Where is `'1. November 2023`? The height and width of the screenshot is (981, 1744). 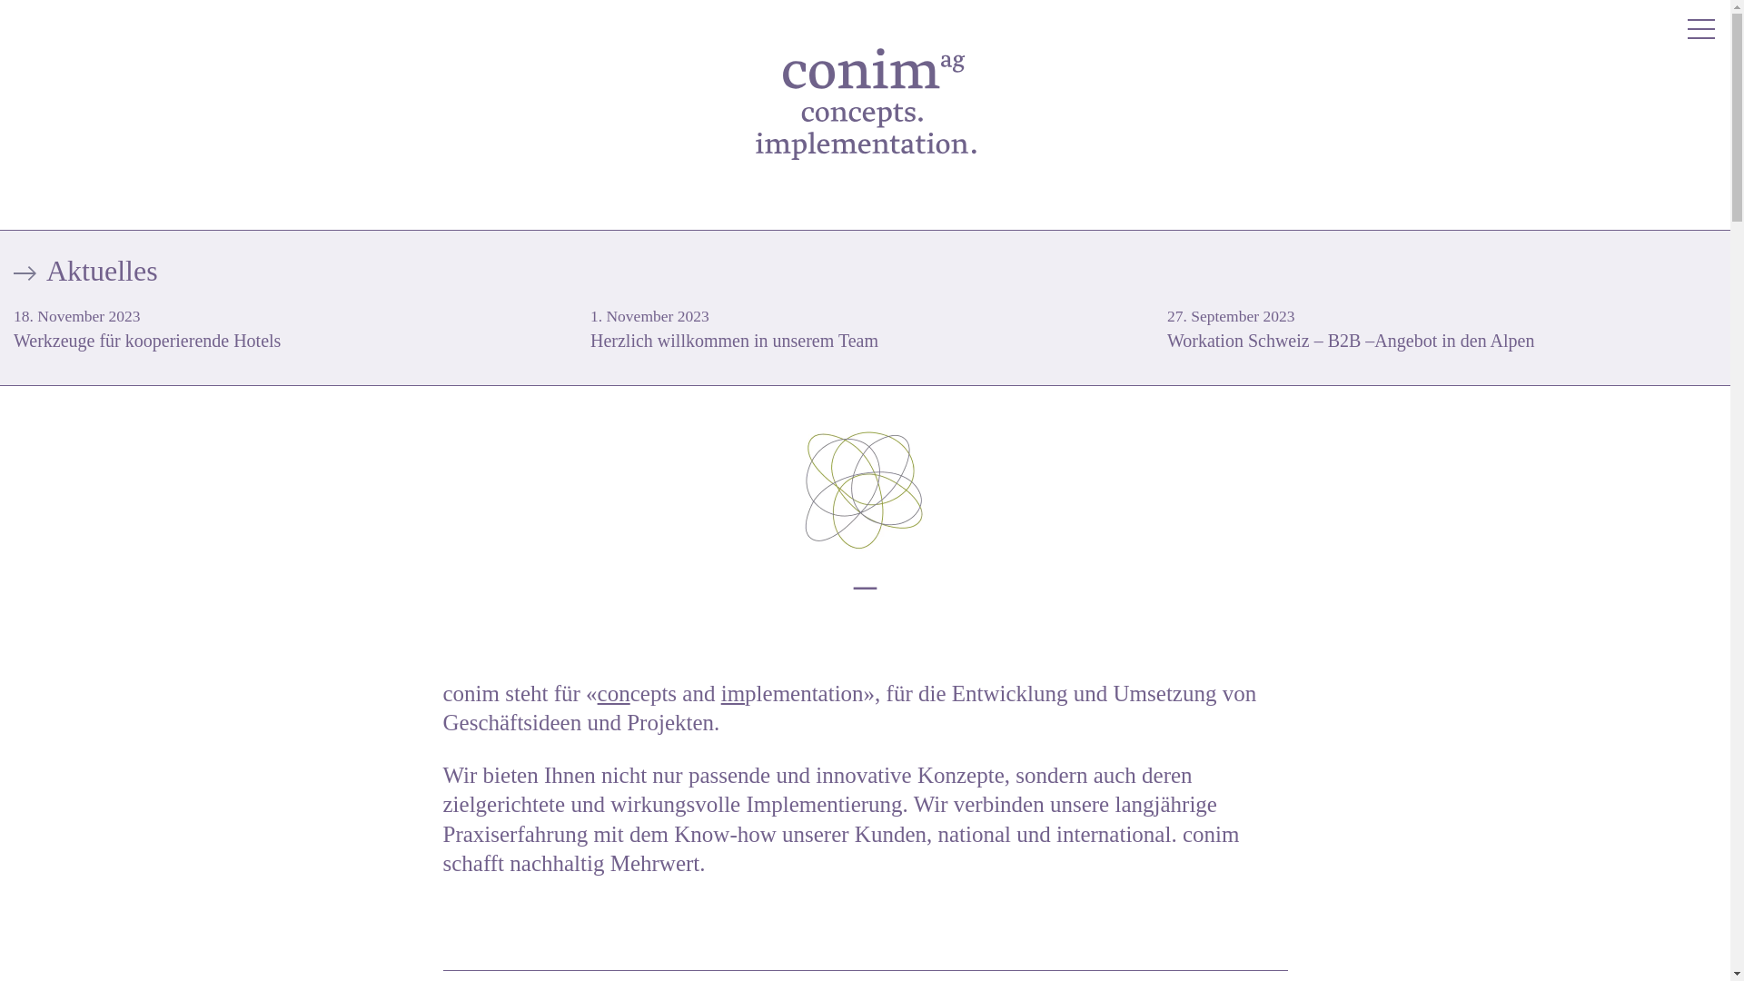
'1. November 2023 is located at coordinates (864, 325).